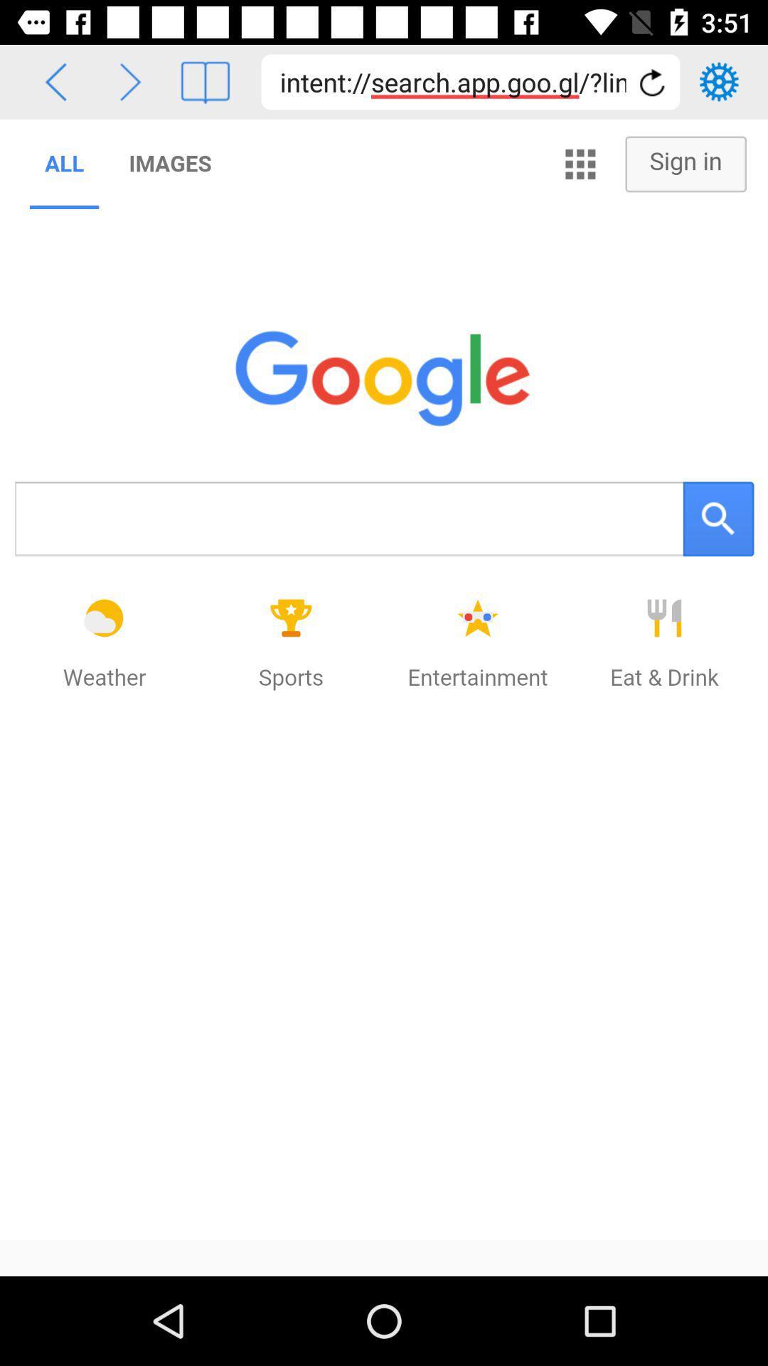  I want to click on to bookmarks, so click(205, 81).